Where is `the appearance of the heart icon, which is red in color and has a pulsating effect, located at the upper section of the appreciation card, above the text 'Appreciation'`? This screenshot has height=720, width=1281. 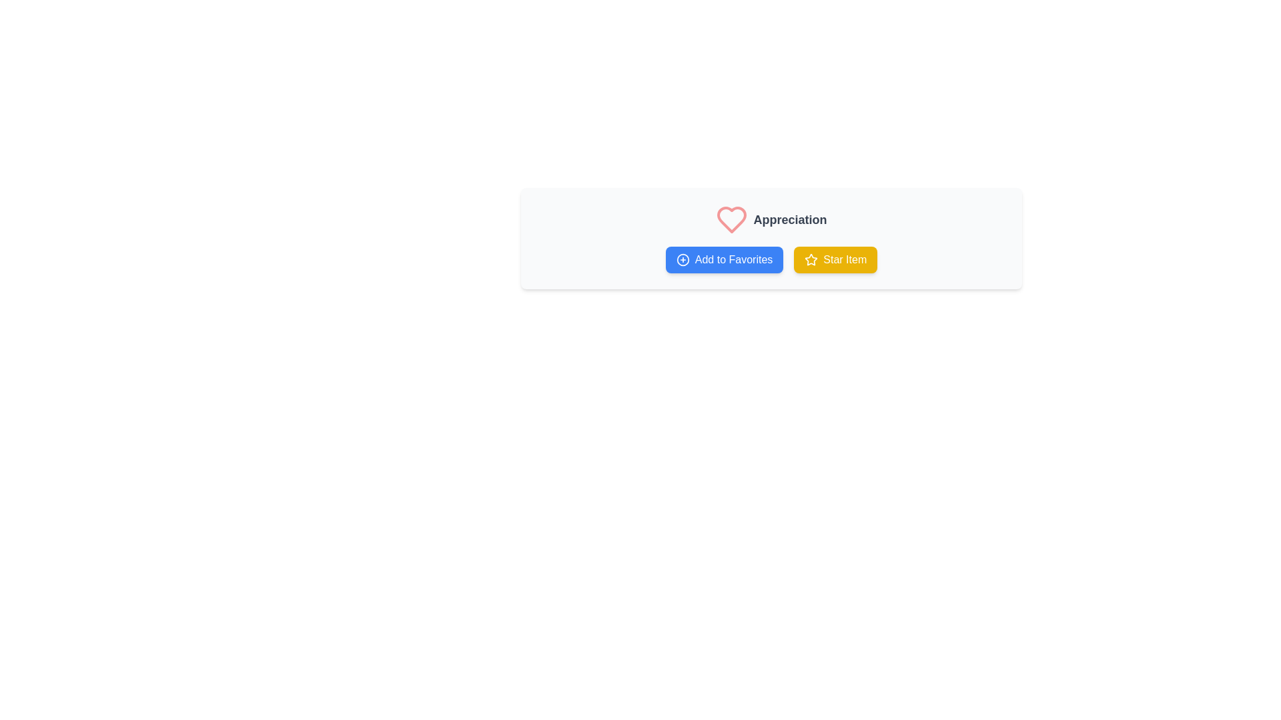 the appearance of the heart icon, which is red in color and has a pulsating effect, located at the upper section of the appreciation card, above the text 'Appreciation' is located at coordinates (731, 219).